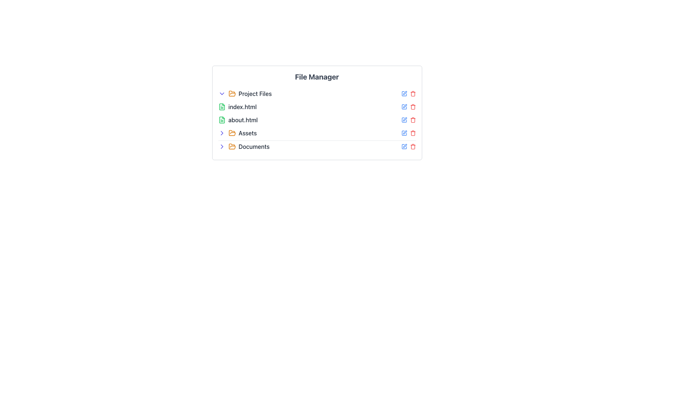 This screenshot has height=394, width=700. What do you see at coordinates (242, 107) in the screenshot?
I see `the static text label displaying the file name 'index.html' in the file management interface under the 'Project Files' section` at bounding box center [242, 107].